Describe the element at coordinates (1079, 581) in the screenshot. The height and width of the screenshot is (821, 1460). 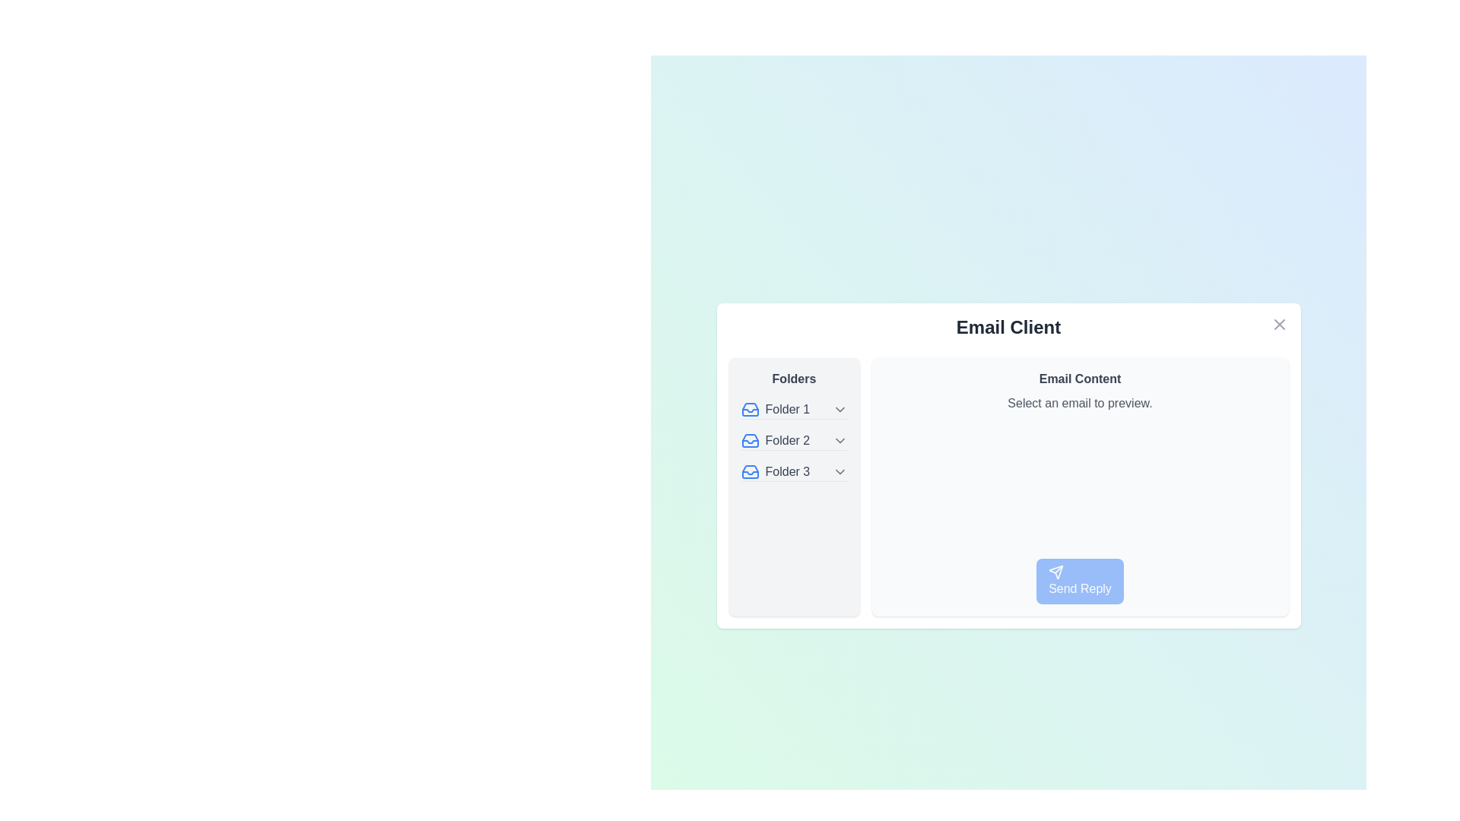
I see `the 'Send Reply' button, which has rounded corners, a light blue background, a white paper airplane icon, and white centered text` at that location.